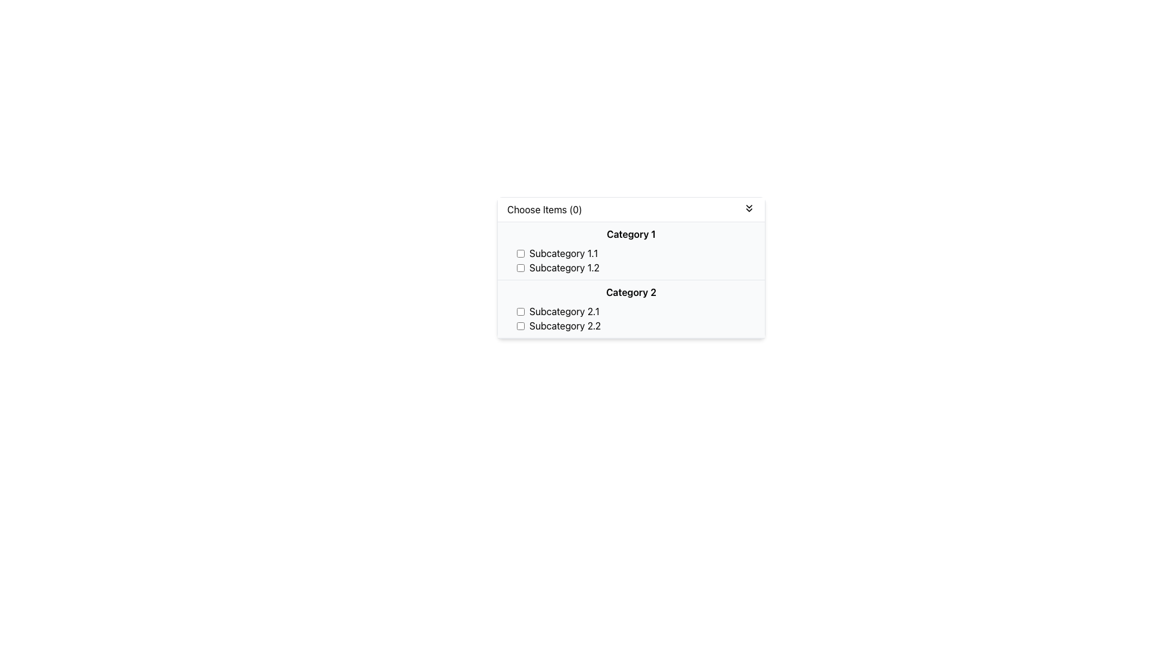 The height and width of the screenshot is (647, 1150). I want to click on the text label displaying 'Category 1', which is styled in bold and larger font, serving as a category header in the list component, so click(631, 234).